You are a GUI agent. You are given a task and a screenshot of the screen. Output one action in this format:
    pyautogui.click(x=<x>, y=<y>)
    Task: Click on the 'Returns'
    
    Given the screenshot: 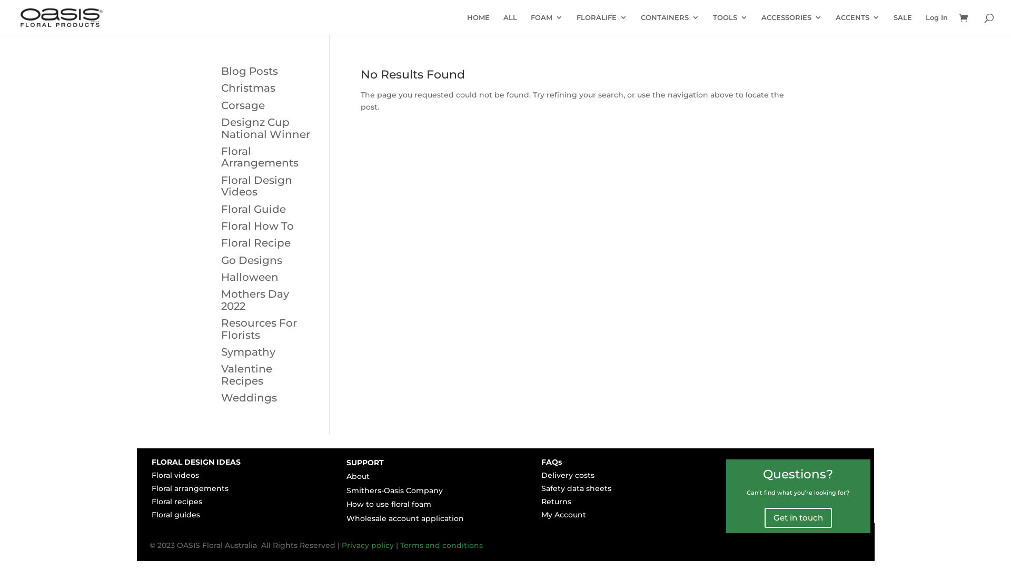 What is the action you would take?
    pyautogui.click(x=556, y=501)
    